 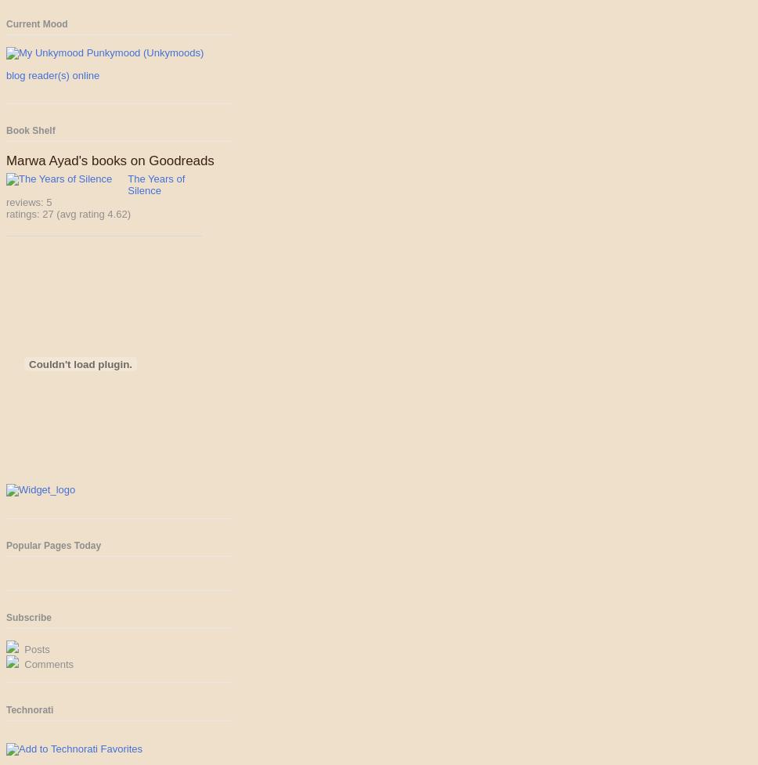 What do you see at coordinates (36, 23) in the screenshot?
I see `'Current Mood'` at bounding box center [36, 23].